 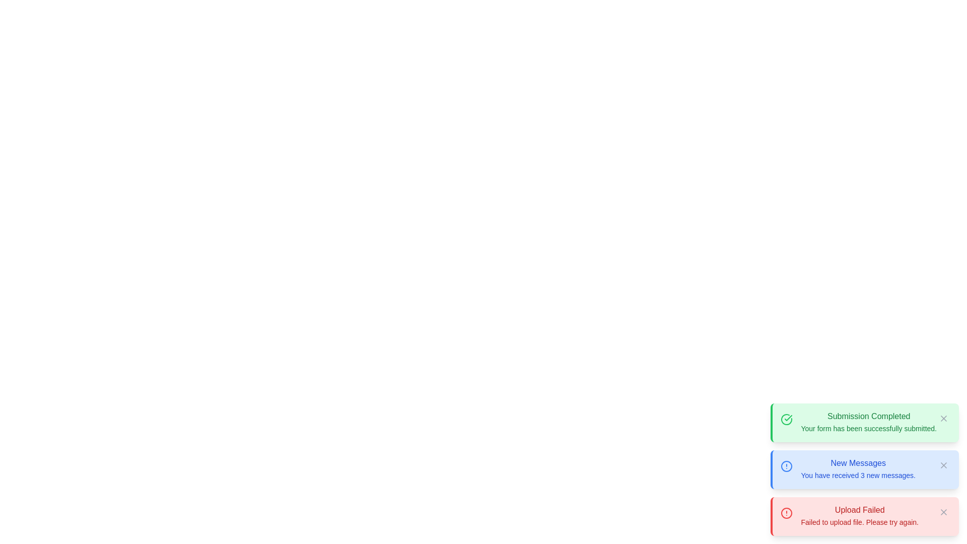 What do you see at coordinates (943, 465) in the screenshot?
I see `the lower-right segment of the 'X' icon within the top-right corner of the notification` at bounding box center [943, 465].